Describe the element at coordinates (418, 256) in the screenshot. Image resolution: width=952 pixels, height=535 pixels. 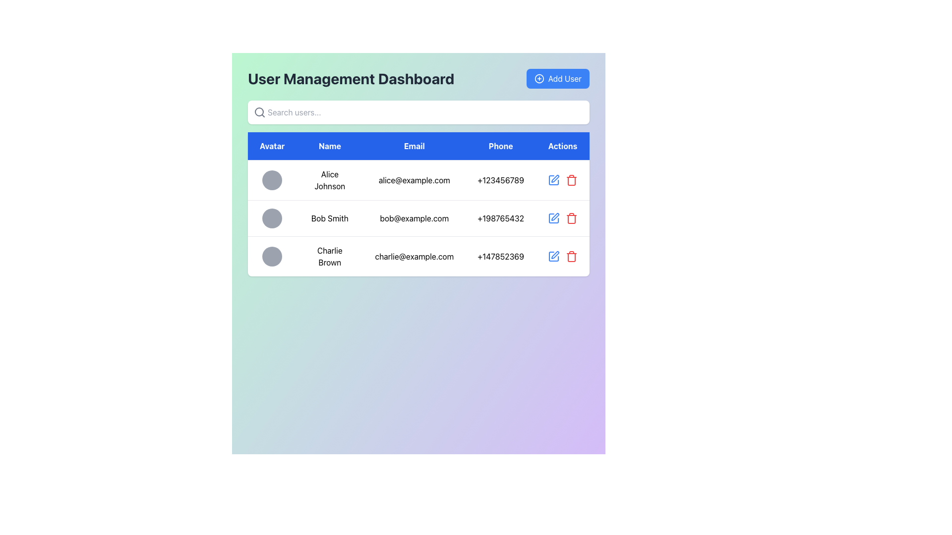
I see `the third row representing 'Charlie Brown' in the user management table` at that location.